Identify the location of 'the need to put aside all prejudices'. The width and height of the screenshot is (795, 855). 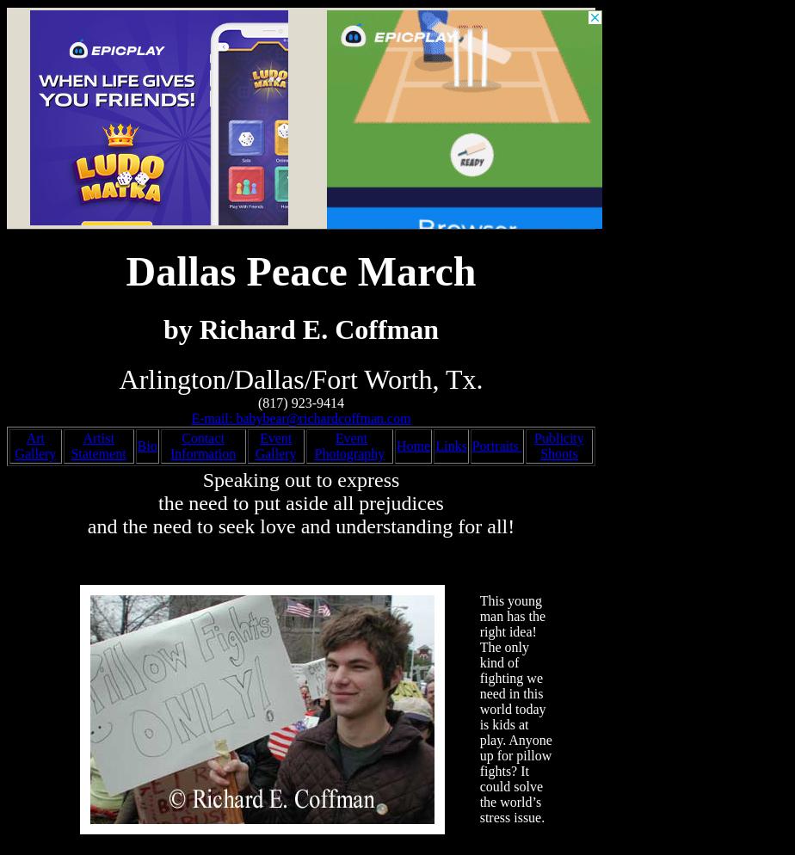
(300, 502).